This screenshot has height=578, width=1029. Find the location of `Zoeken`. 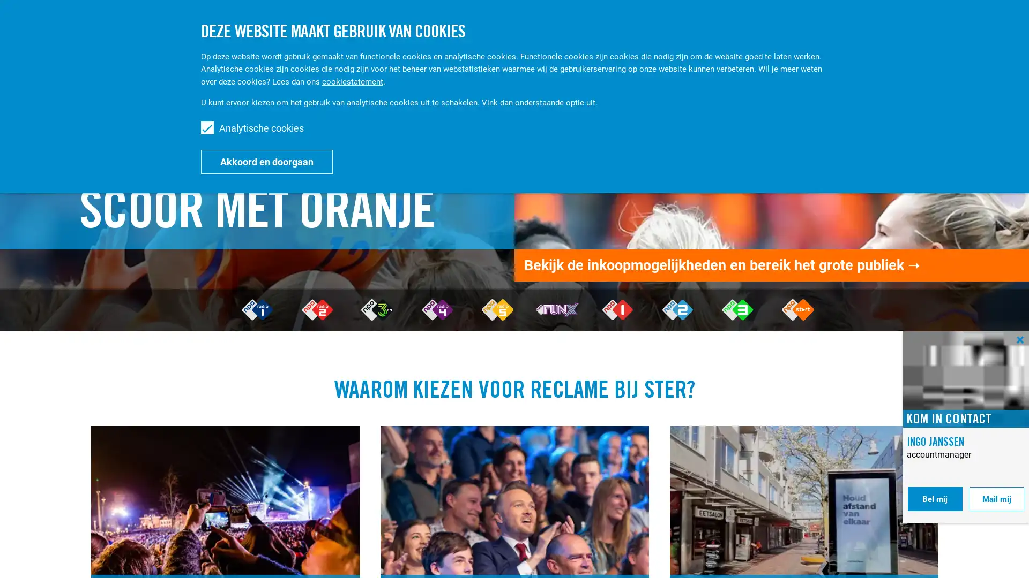

Zoeken is located at coordinates (918, 26).